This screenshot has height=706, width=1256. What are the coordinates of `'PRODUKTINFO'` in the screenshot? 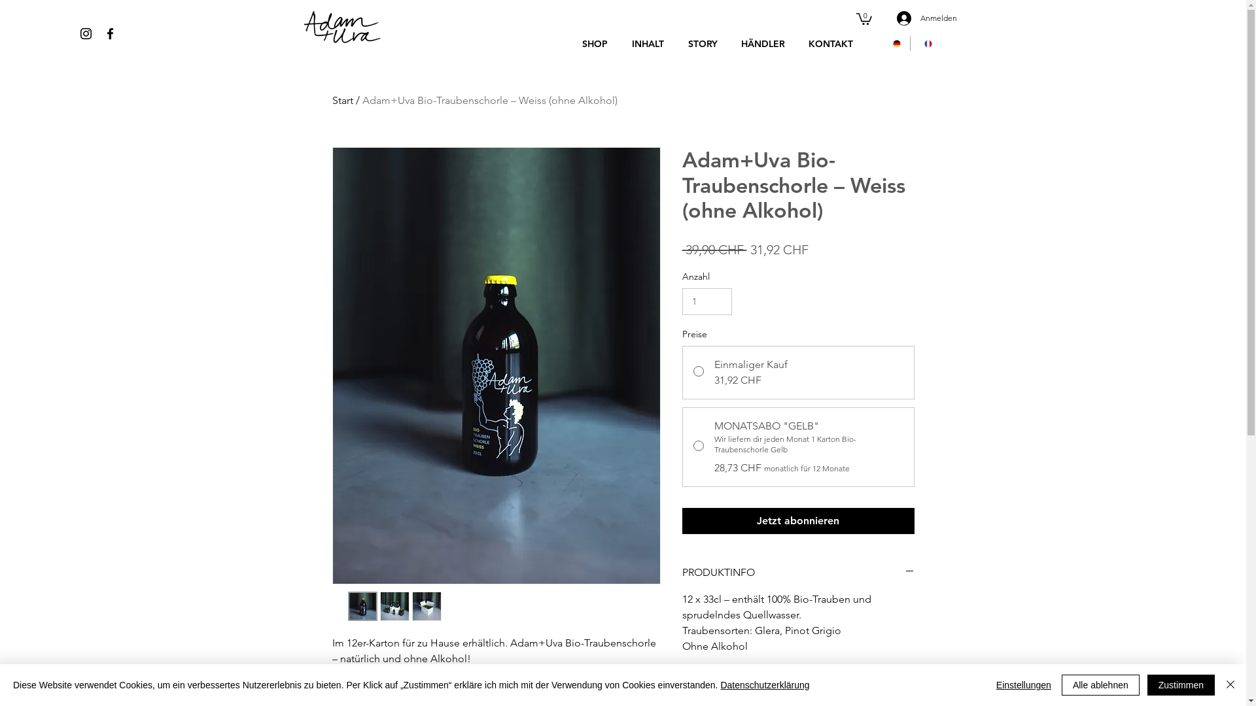 It's located at (680, 571).